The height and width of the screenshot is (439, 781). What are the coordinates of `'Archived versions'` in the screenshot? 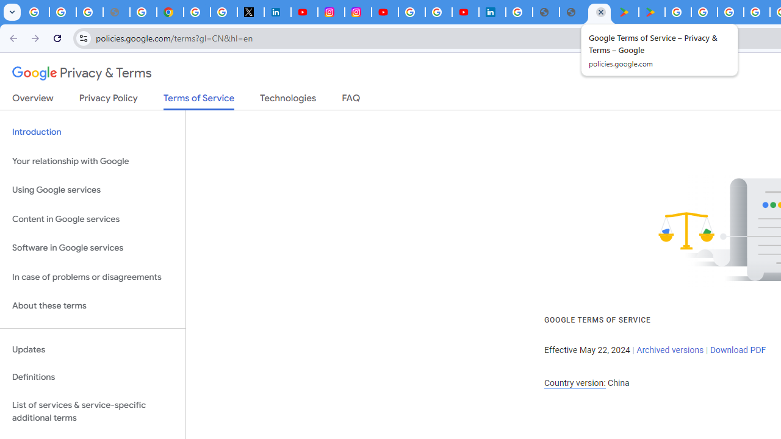 It's located at (669, 350).